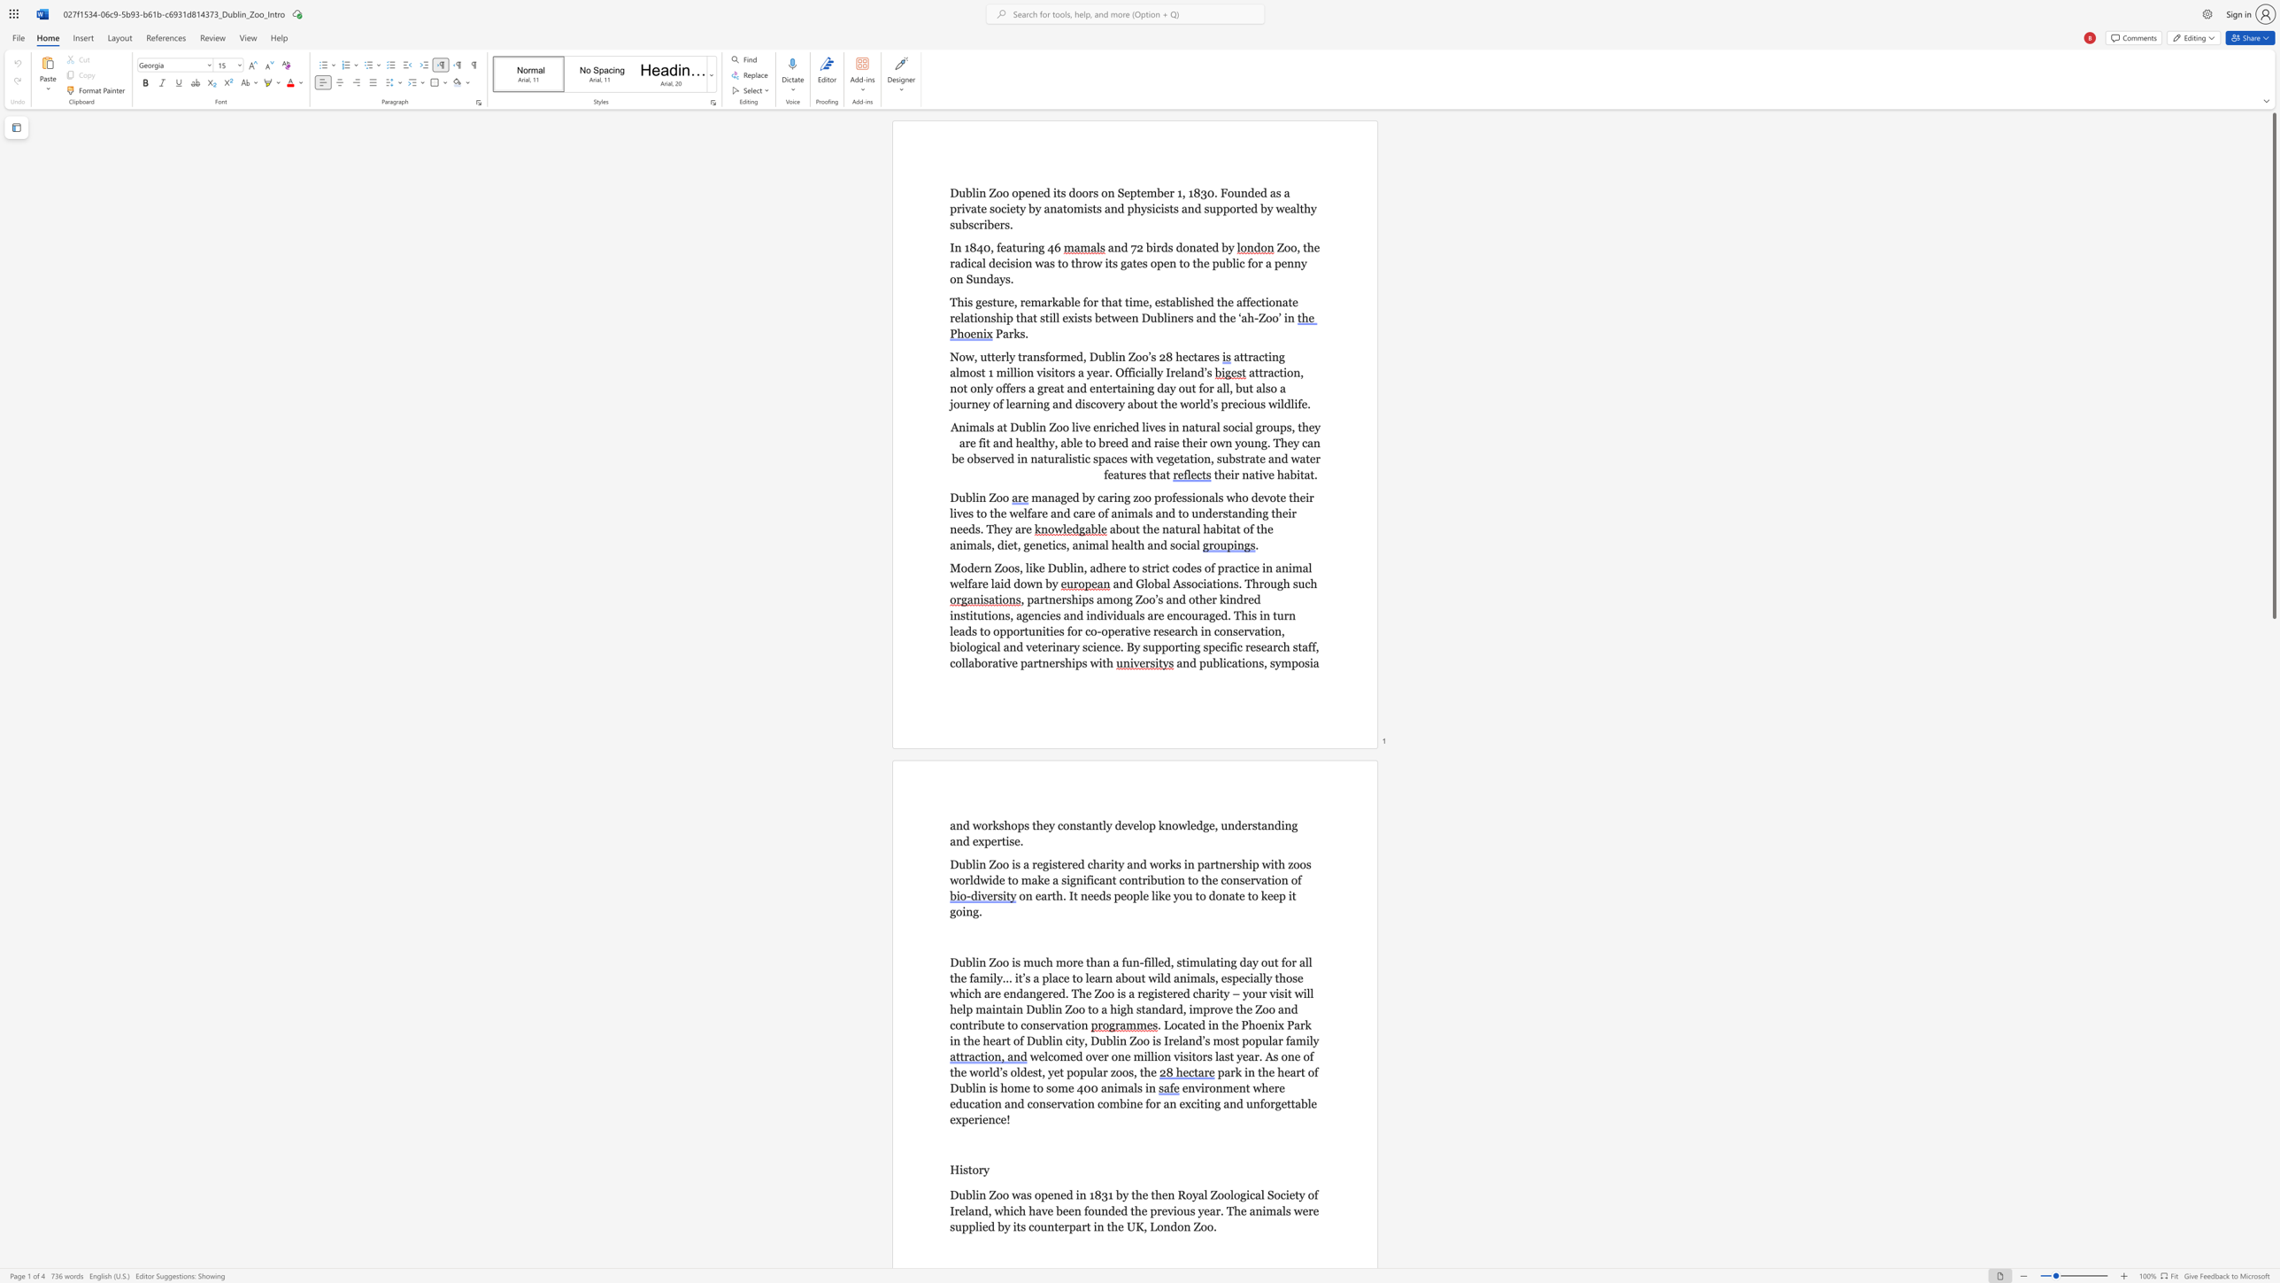 Image resolution: width=2280 pixels, height=1283 pixels. I want to click on the 1th character "c" in the text, so click(1229, 662).